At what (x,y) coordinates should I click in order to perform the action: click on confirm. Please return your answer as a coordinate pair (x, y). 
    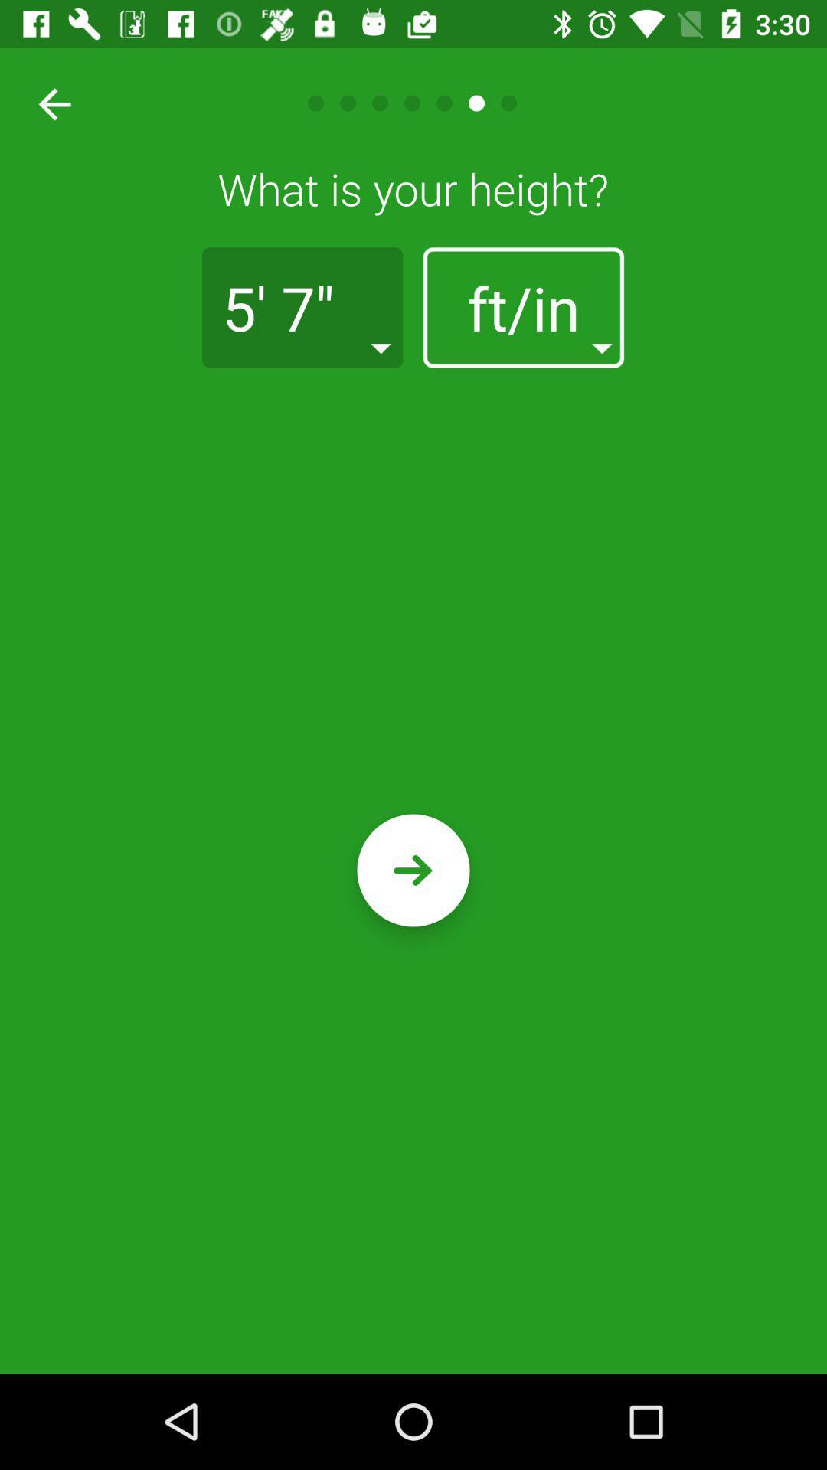
    Looking at the image, I should click on (413, 871).